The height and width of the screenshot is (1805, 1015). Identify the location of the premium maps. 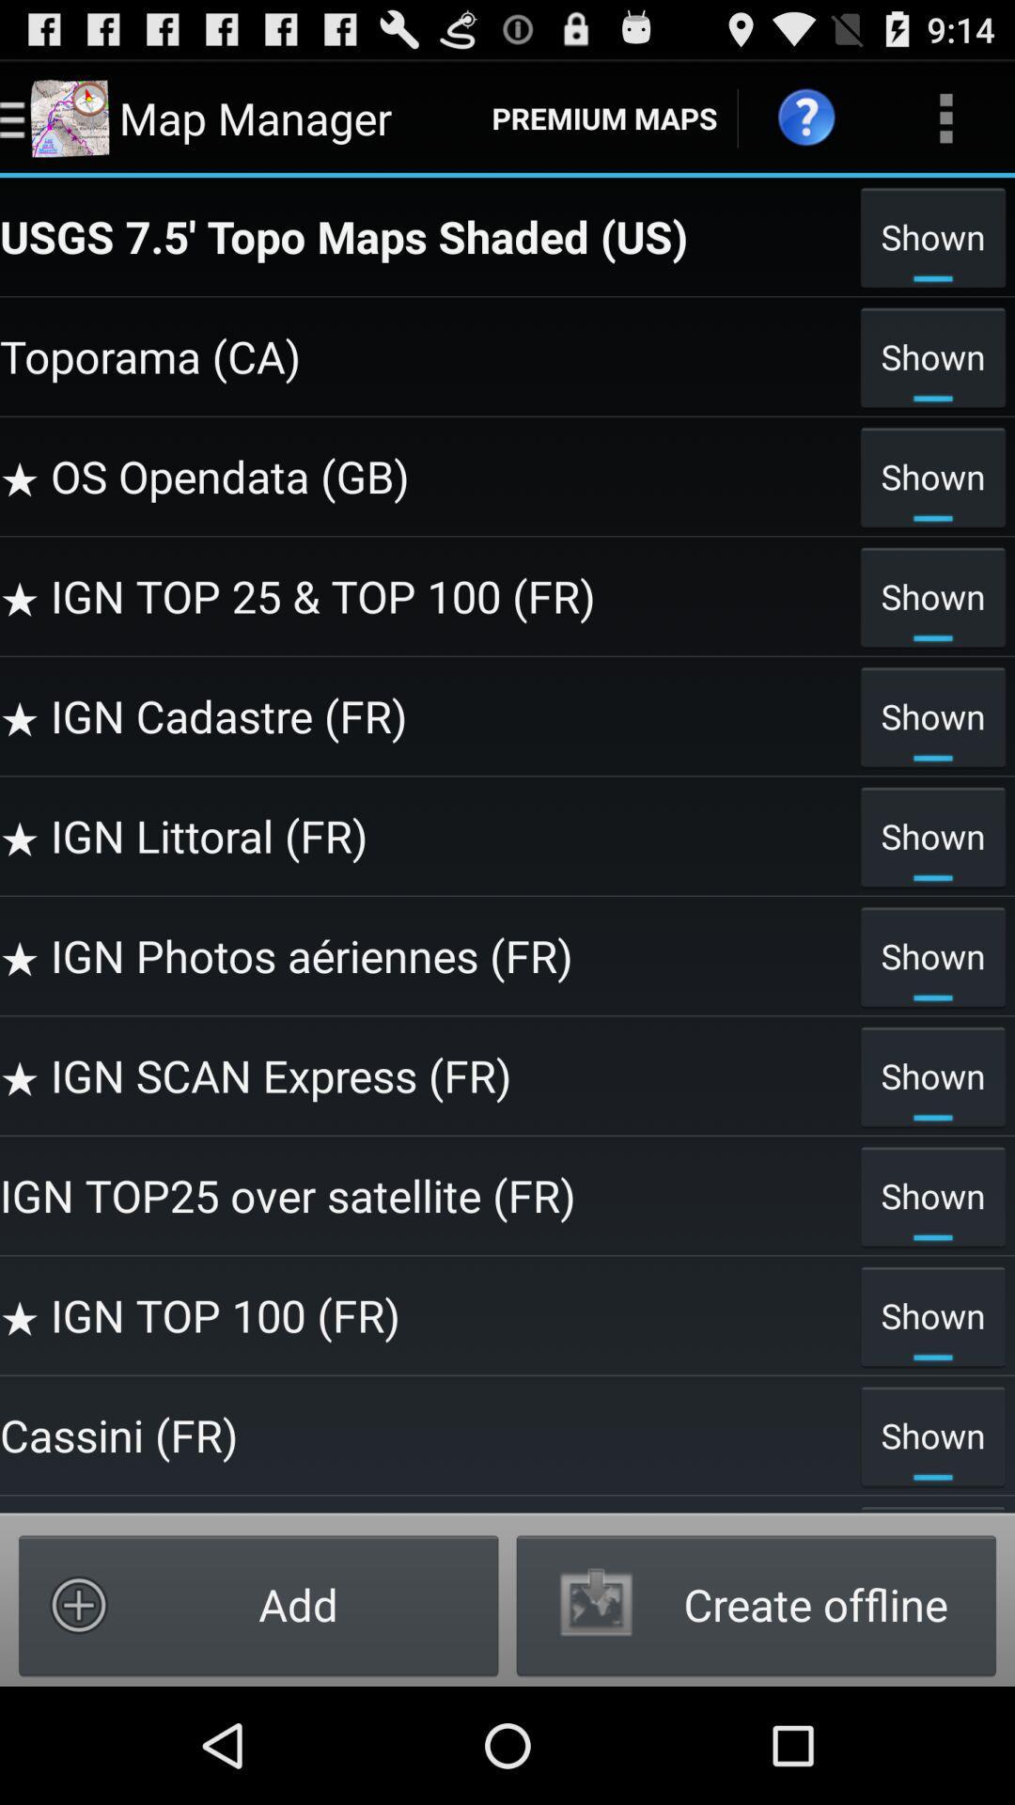
(604, 117).